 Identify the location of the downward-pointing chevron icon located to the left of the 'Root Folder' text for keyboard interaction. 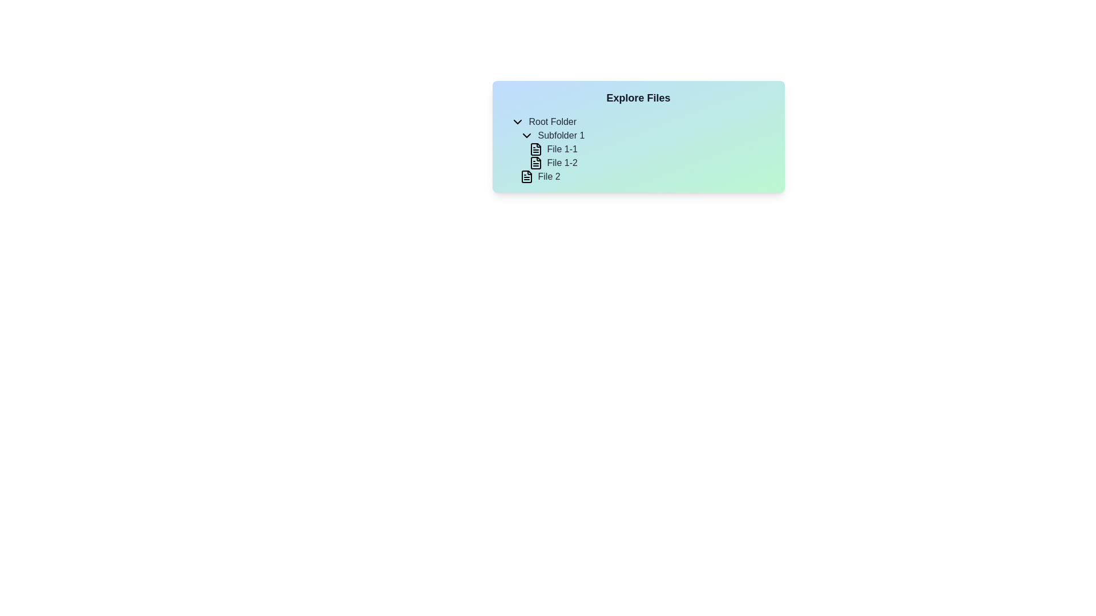
(517, 121).